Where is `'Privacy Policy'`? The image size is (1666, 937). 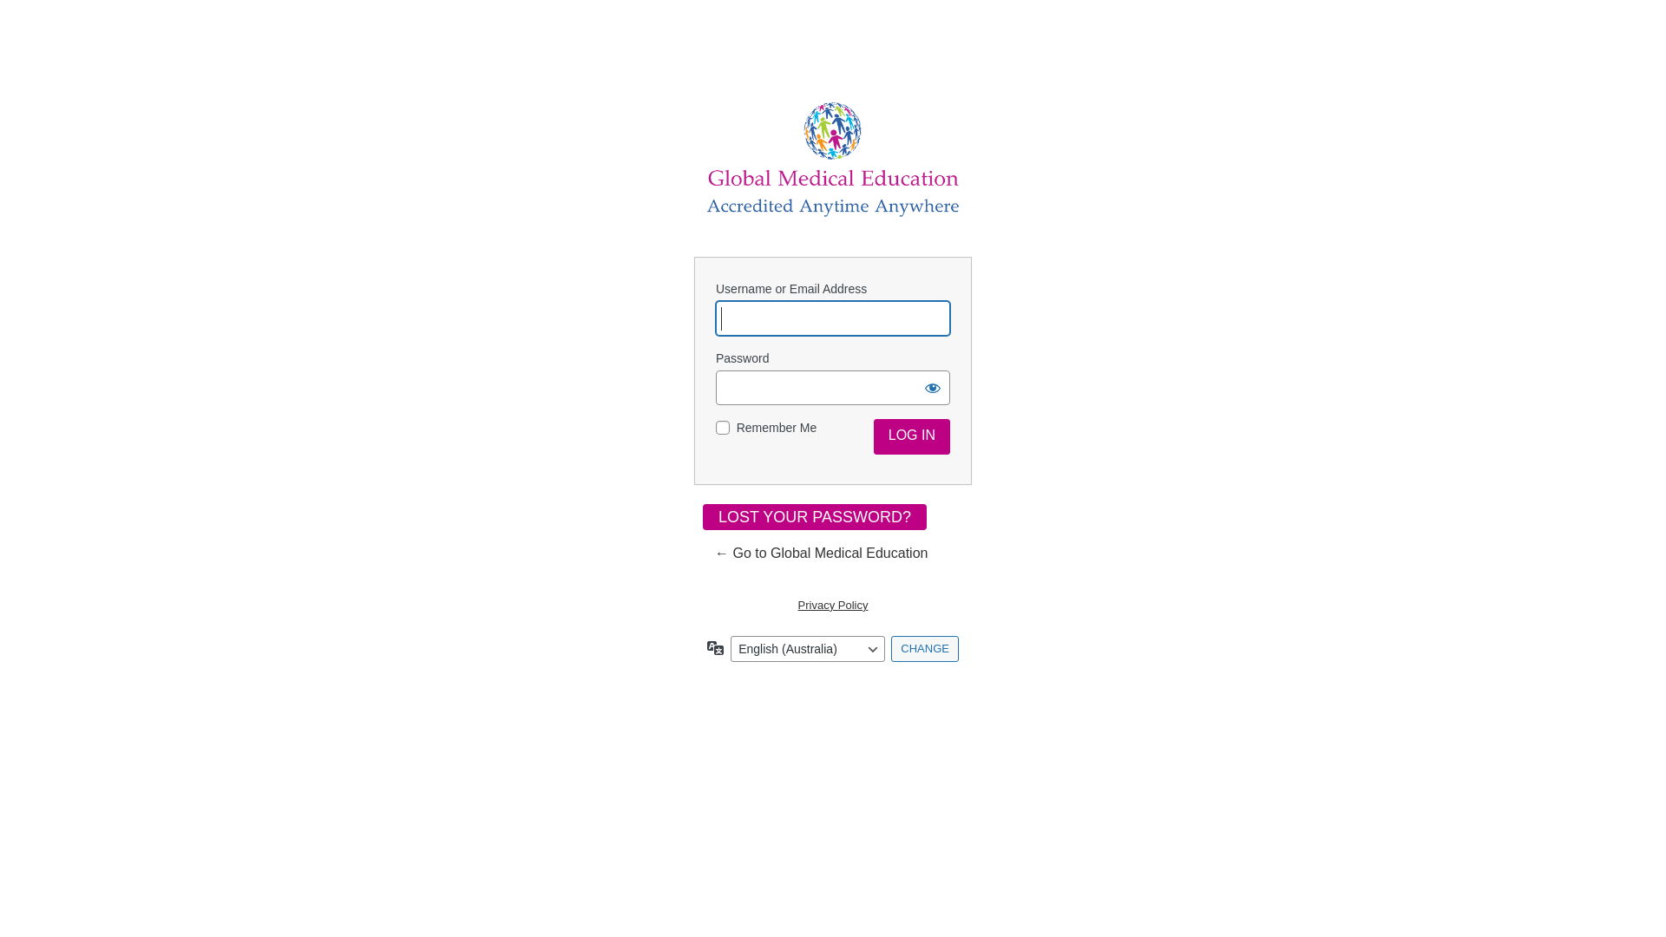 'Privacy Policy' is located at coordinates (833, 604).